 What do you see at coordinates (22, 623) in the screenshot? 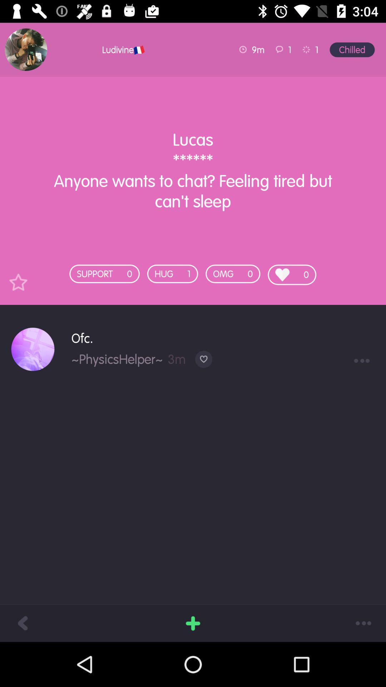
I see `the arrow_backward icon` at bounding box center [22, 623].